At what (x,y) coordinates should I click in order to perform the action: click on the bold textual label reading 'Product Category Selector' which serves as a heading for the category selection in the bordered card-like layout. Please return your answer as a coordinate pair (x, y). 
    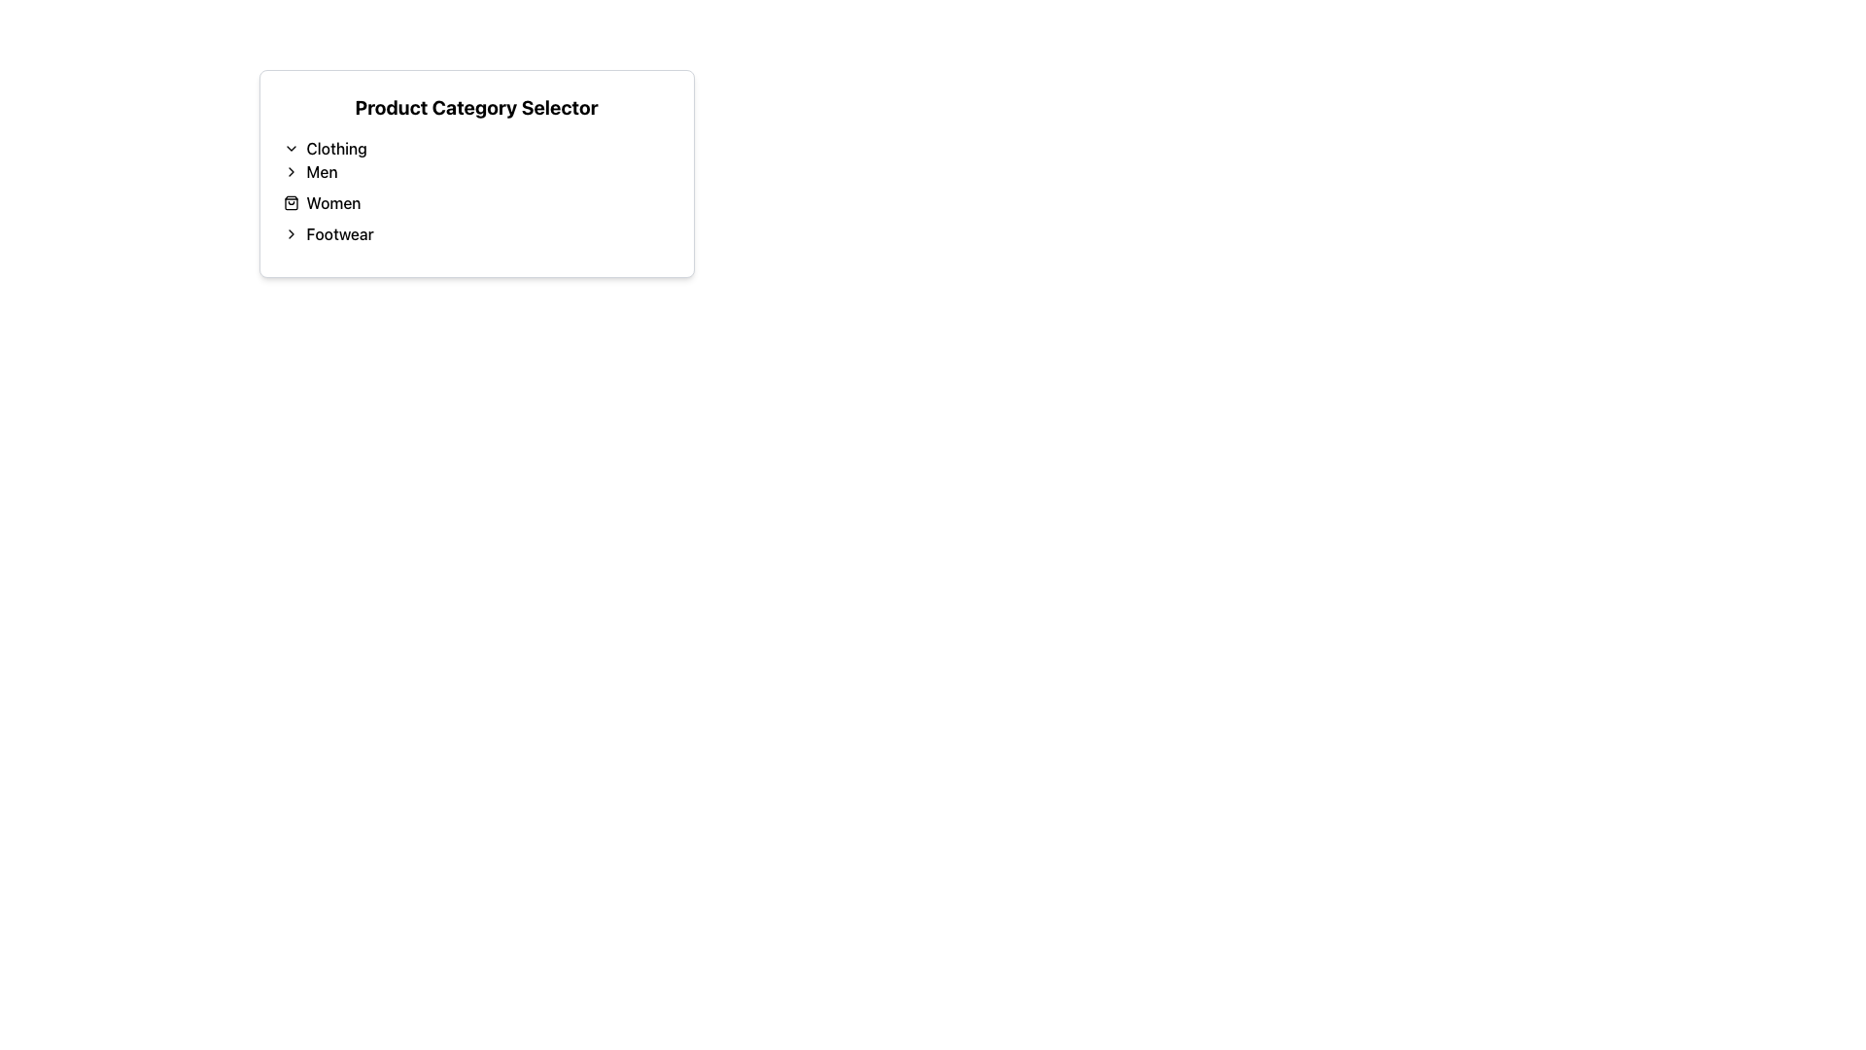
    Looking at the image, I should click on (476, 108).